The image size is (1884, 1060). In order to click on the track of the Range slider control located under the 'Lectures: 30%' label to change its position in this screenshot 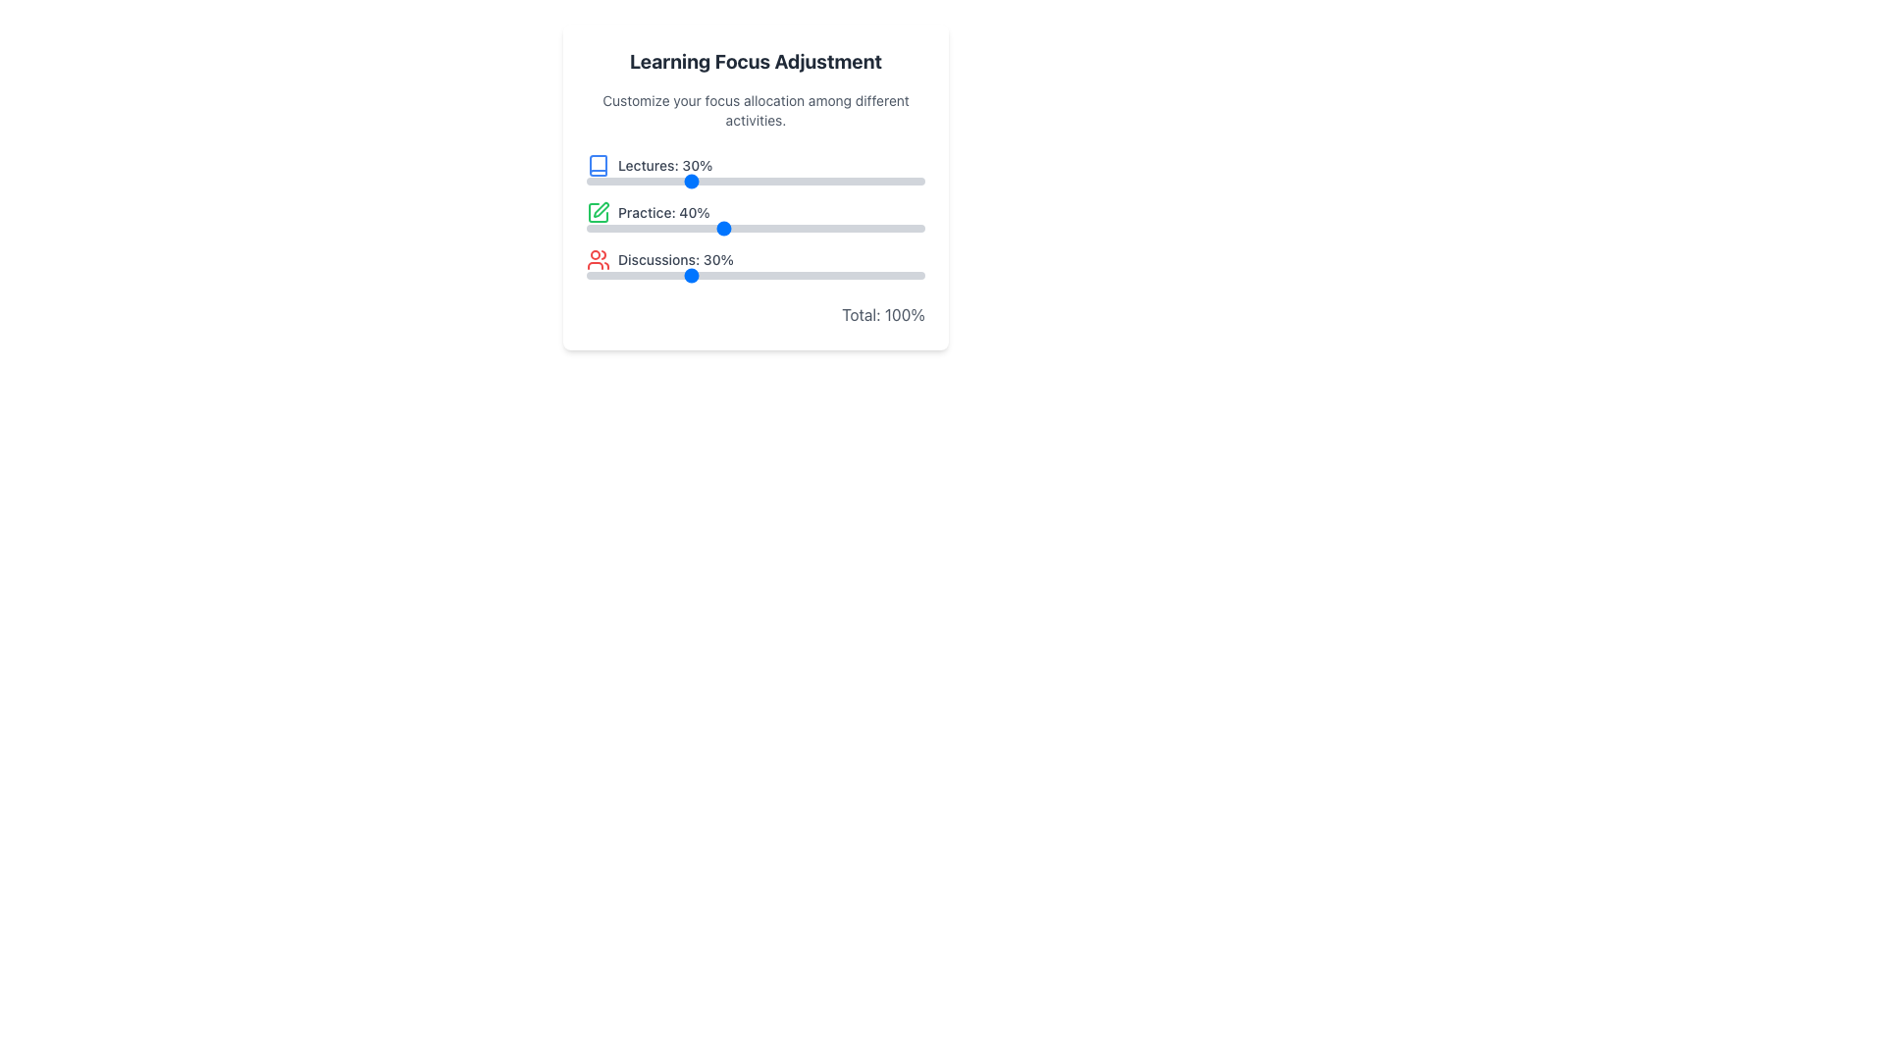, I will do `click(755, 182)`.